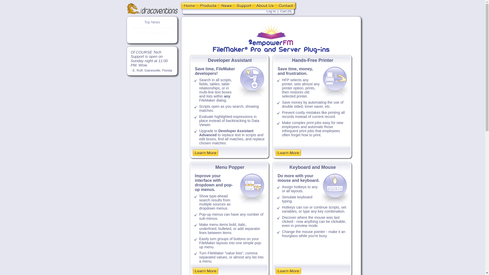 This screenshot has height=275, width=489. I want to click on 'HFP fix for macOS 13 on Intel and DA updates', so click(132, 30).